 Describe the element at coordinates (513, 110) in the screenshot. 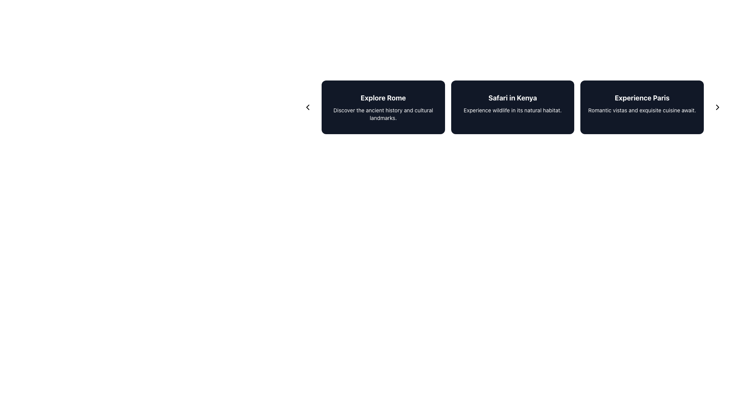

I see `the text element displaying 'Experience wildlife in its natural habitat.' which is located below the header 'Safari in Kenya' within the middle card of a horizontally aligned set of three cards` at that location.